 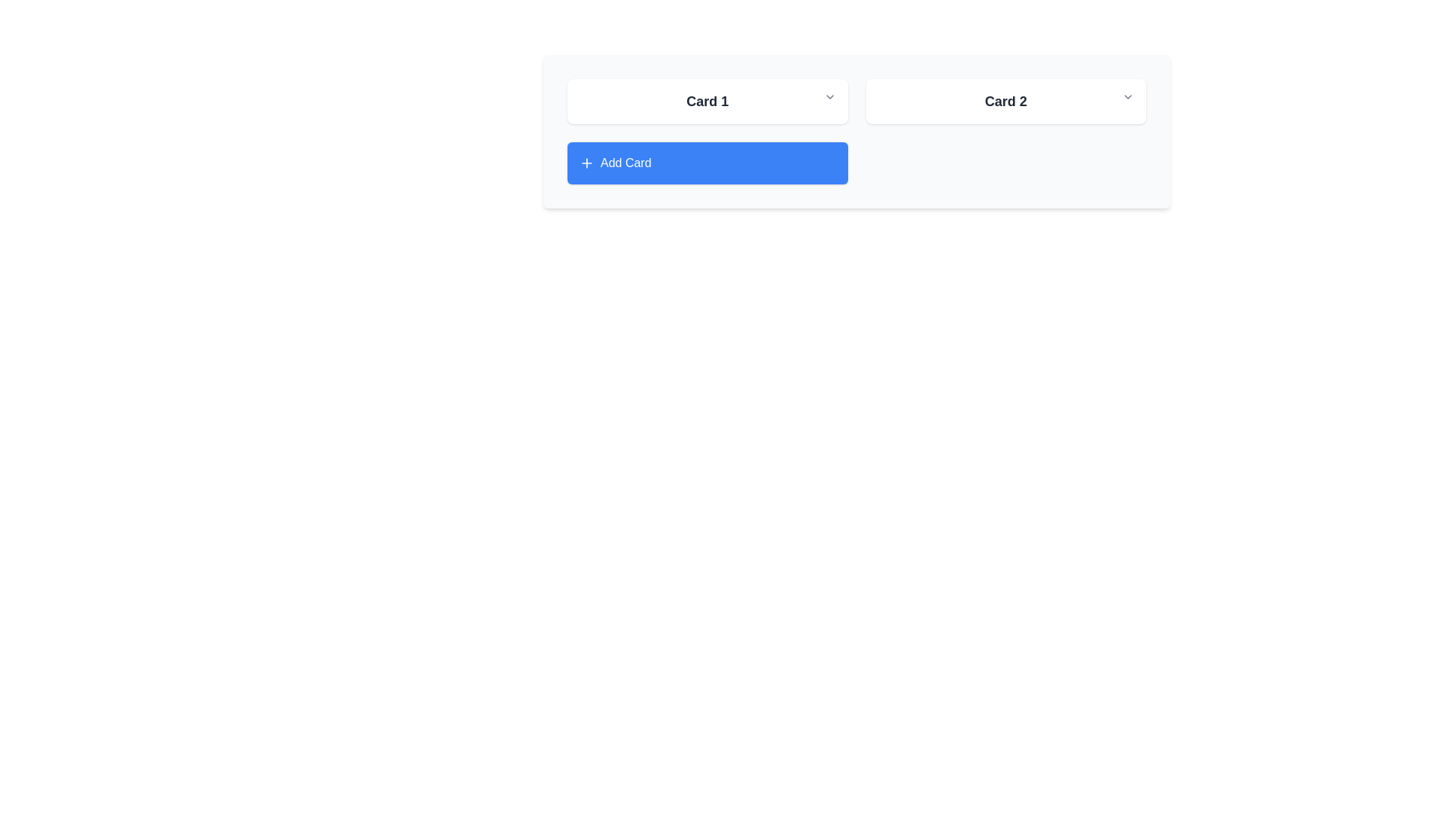 I want to click on the 'Add New Card' button located below 'Card 1' and 'Card 2' in the grid layout, so click(x=707, y=163).